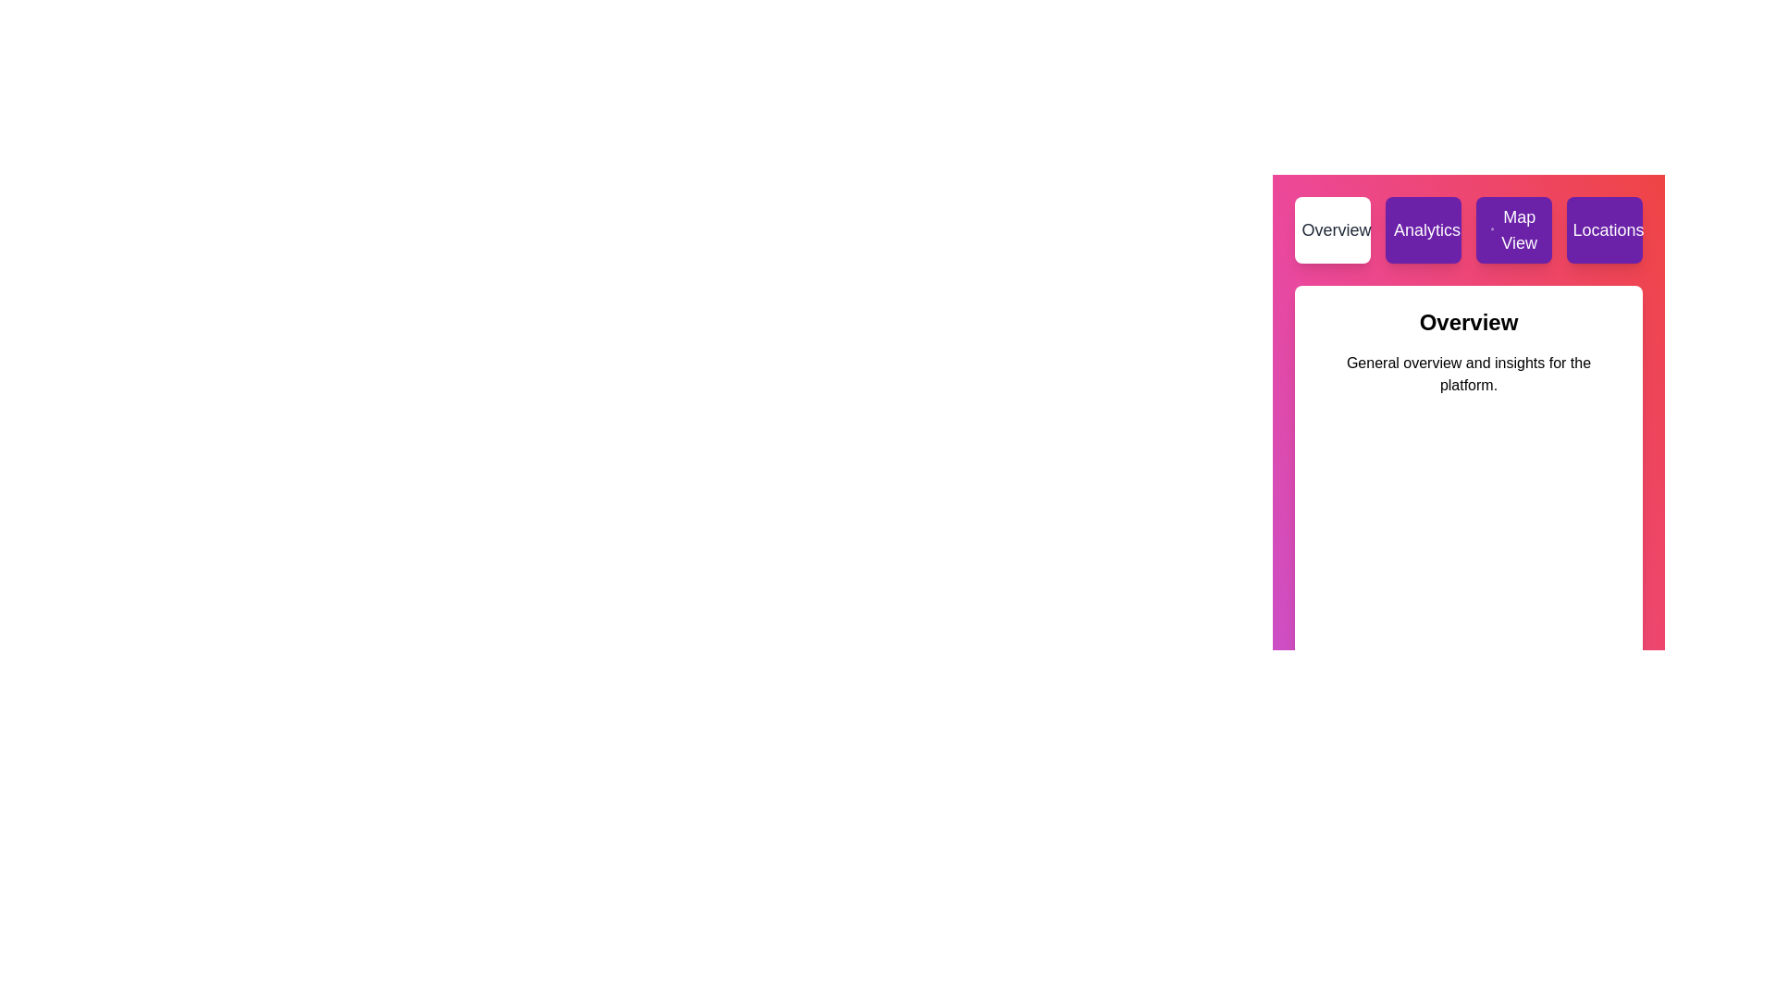 The width and height of the screenshot is (1776, 999). What do you see at coordinates (1425, 229) in the screenshot?
I see `the 'Analytics' button, which is a purple rectangular button with white text, located in the navigation bar at the top-center of the interface` at bounding box center [1425, 229].